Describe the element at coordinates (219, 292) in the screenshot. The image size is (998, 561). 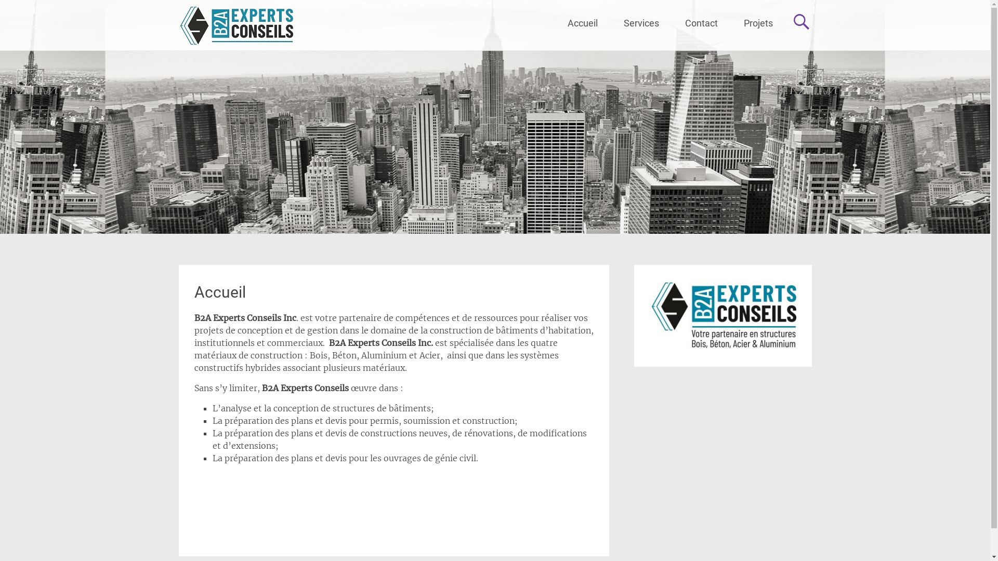
I see `'Accueil'` at that location.